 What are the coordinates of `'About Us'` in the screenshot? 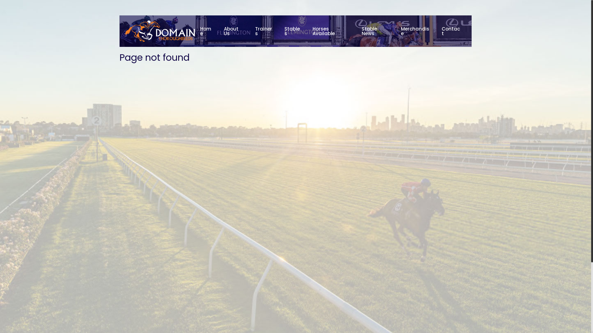 It's located at (234, 31).